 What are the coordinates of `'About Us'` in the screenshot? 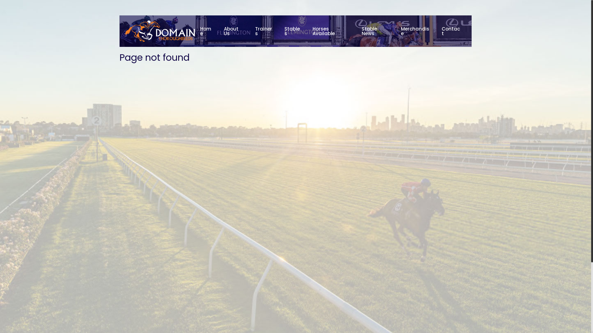 It's located at (234, 31).